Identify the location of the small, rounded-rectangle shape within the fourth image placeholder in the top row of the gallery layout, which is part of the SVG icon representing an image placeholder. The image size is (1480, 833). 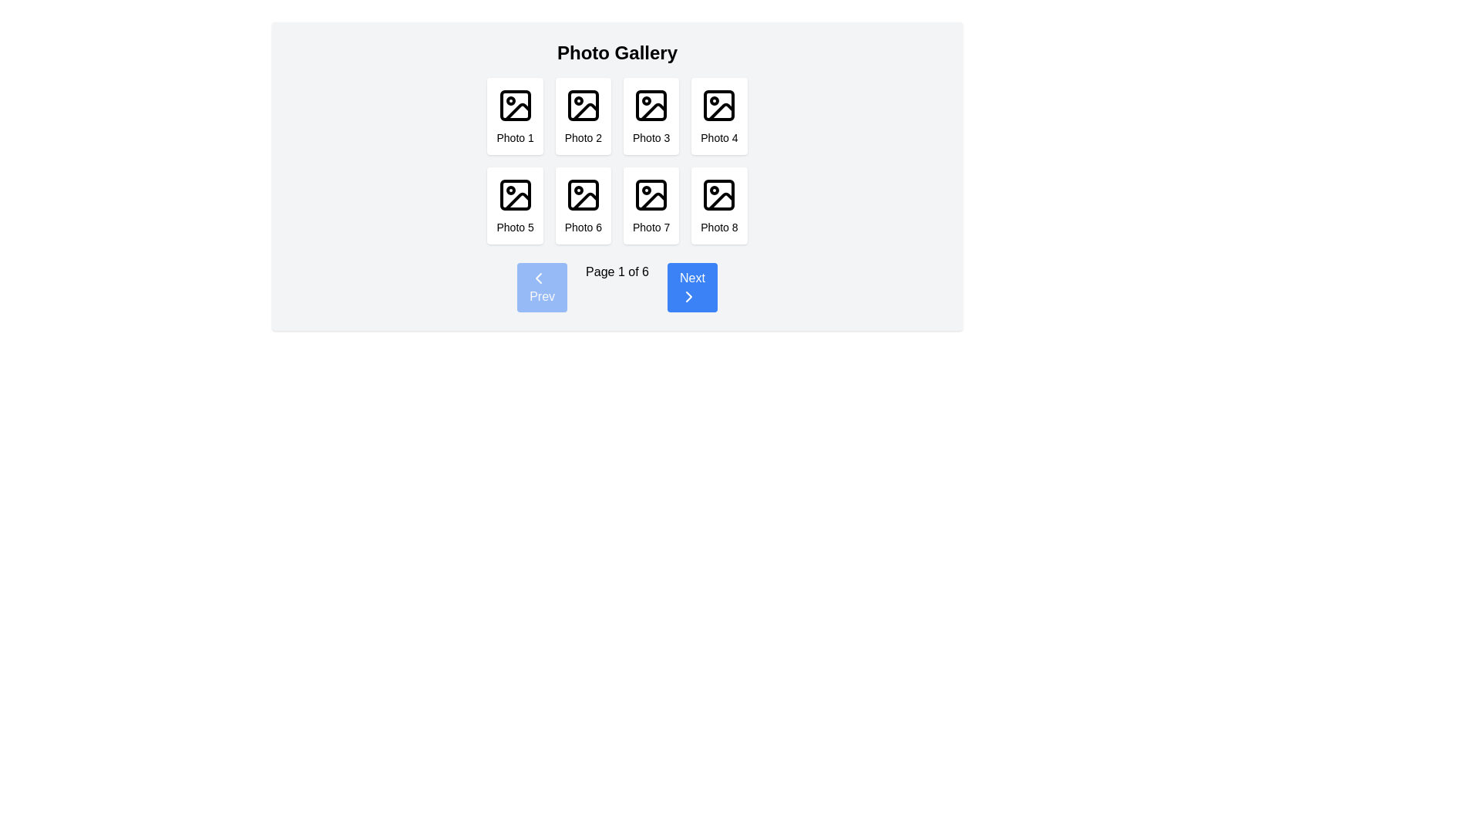
(718, 105).